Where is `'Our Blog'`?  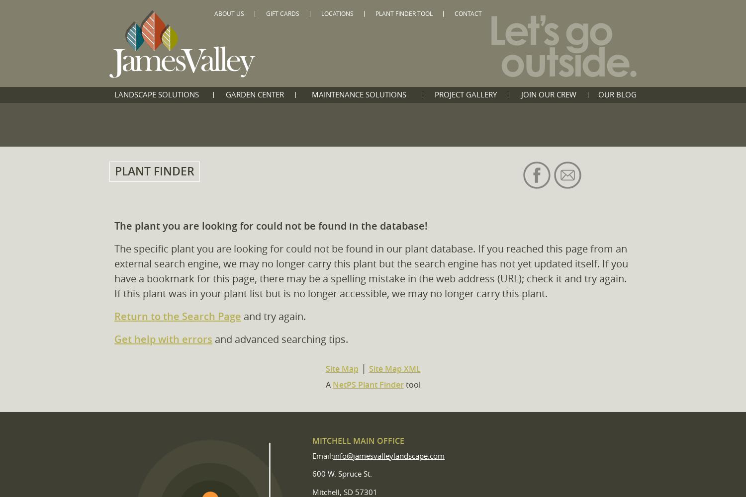 'Our Blog' is located at coordinates (616, 94).